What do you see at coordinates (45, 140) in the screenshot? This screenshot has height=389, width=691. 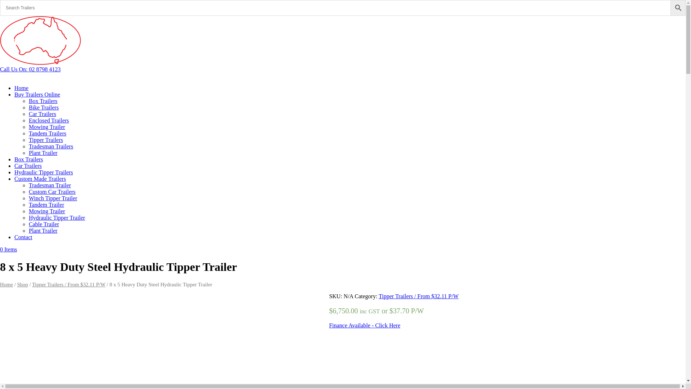 I see `'Tipper Trailers'` at bounding box center [45, 140].